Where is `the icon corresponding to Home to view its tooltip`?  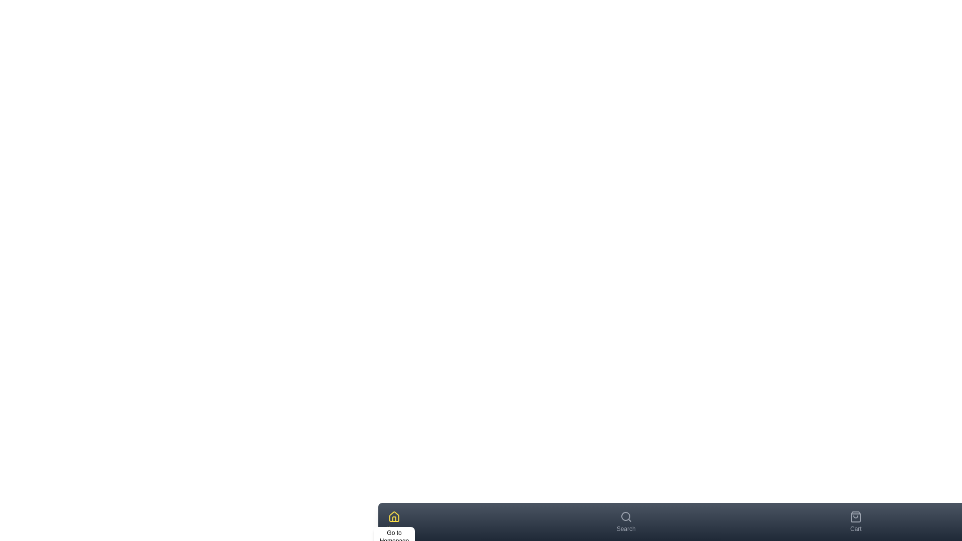
the icon corresponding to Home to view its tooltip is located at coordinates (394, 517).